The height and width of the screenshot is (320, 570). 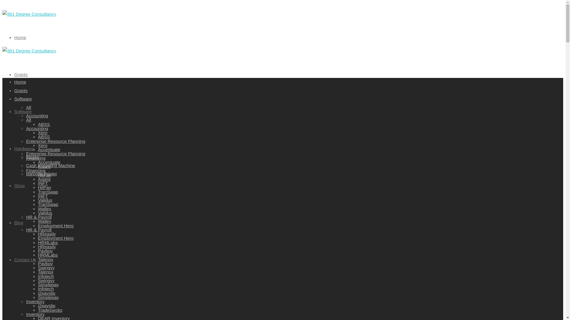 What do you see at coordinates (56, 153) in the screenshot?
I see `'Enterprise Resource Planning'` at bounding box center [56, 153].